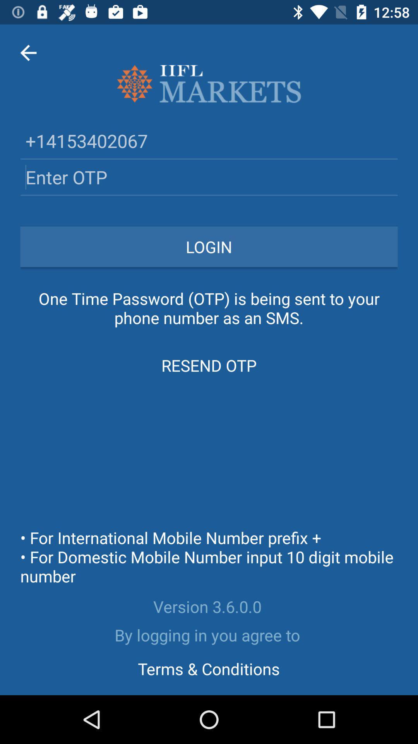 This screenshot has width=418, height=744. Describe the element at coordinates (209, 177) in the screenshot. I see `otp field` at that location.